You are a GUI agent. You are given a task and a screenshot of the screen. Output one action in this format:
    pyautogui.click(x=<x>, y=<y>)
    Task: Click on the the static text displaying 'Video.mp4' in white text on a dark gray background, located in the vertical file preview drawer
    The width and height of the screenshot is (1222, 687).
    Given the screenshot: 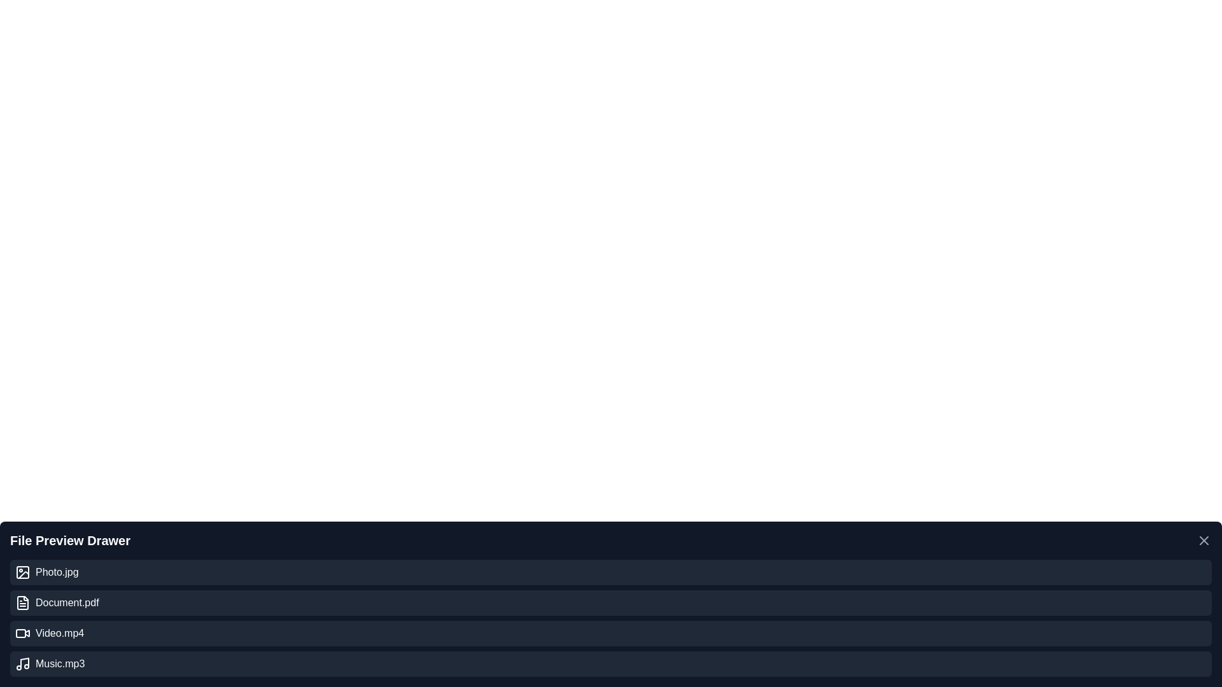 What is the action you would take?
    pyautogui.click(x=59, y=633)
    